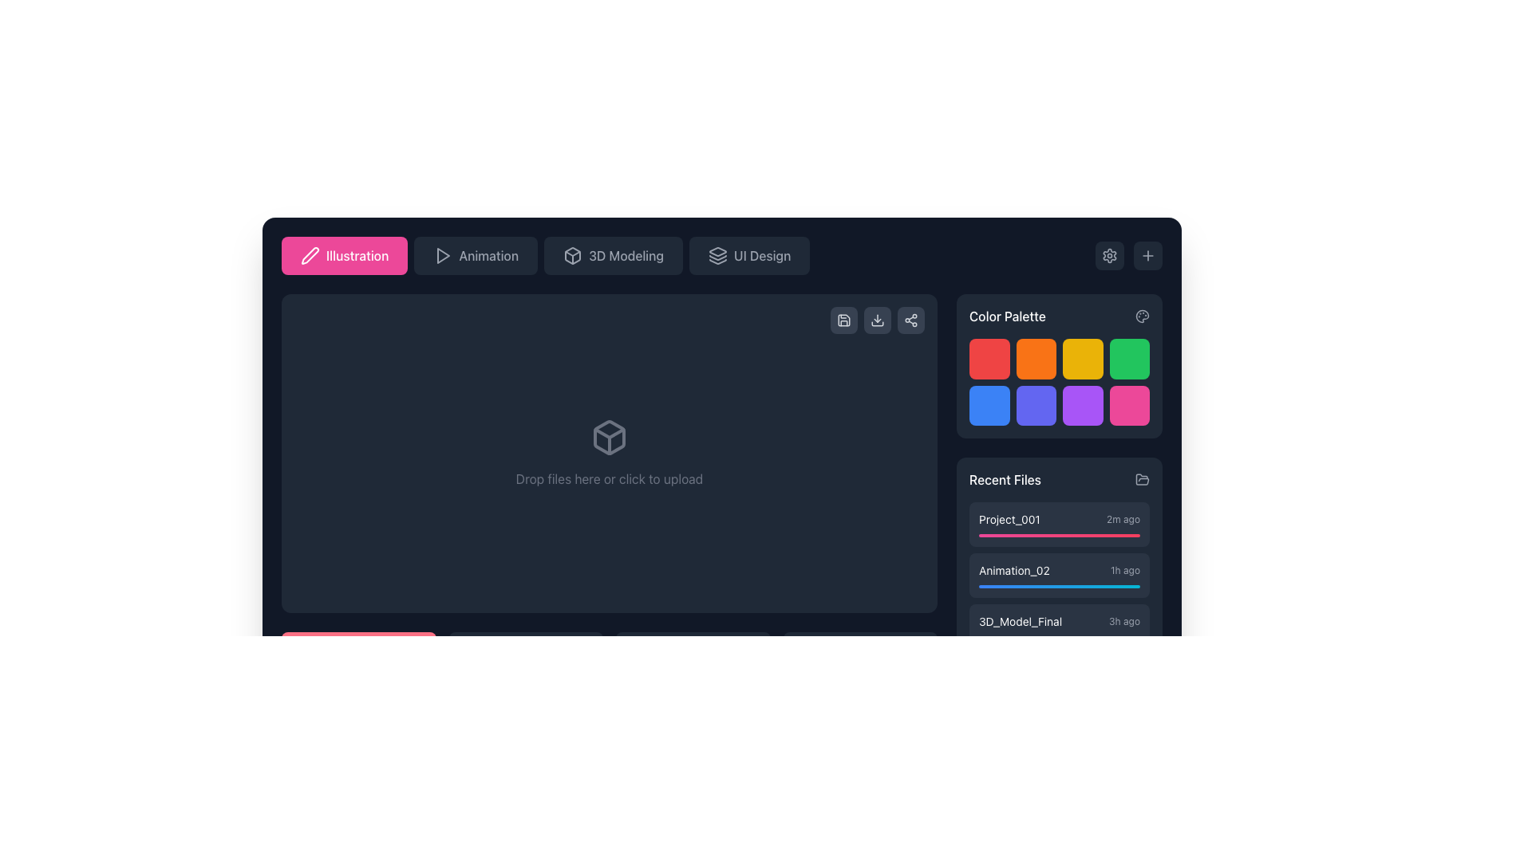  Describe the element at coordinates (443, 254) in the screenshot. I see `the triangular play icon within the 'Animation' button located in the top navigation bar, which is the second button after 'Illustration'` at that location.